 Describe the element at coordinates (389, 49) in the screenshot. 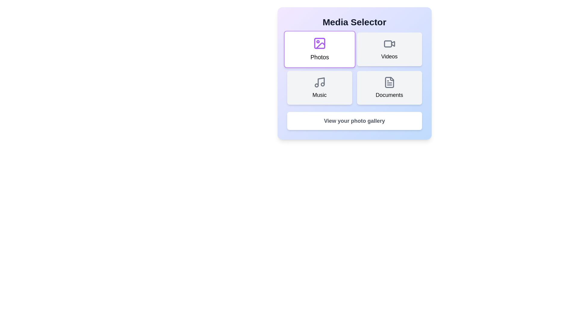

I see `the button corresponding to Videos to select it` at that location.